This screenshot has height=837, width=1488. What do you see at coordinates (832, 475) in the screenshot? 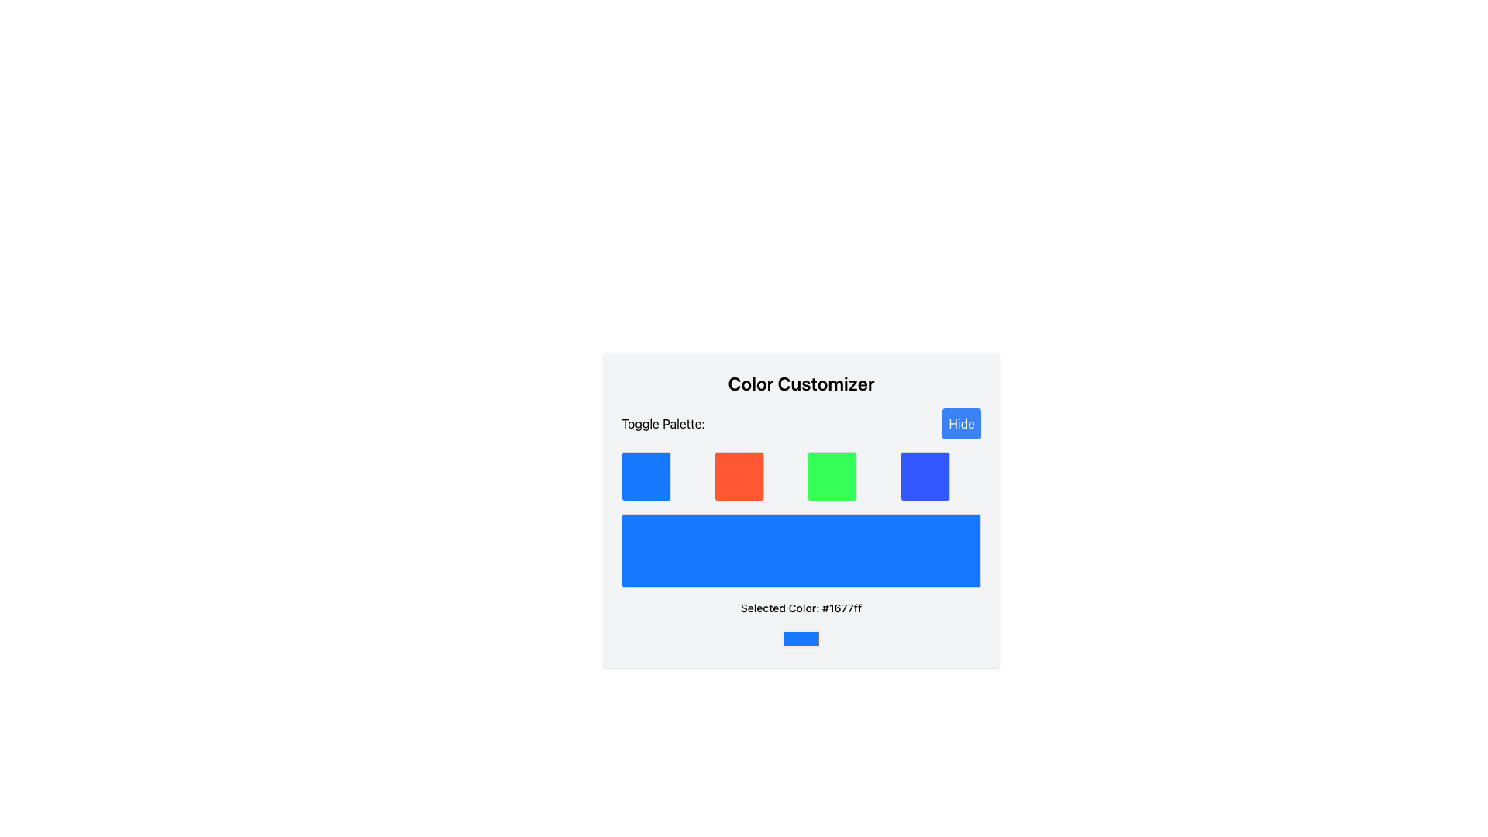
I see `the neon green color selection box, which is the third square in a horizontally aligned group of four colored squares` at bounding box center [832, 475].